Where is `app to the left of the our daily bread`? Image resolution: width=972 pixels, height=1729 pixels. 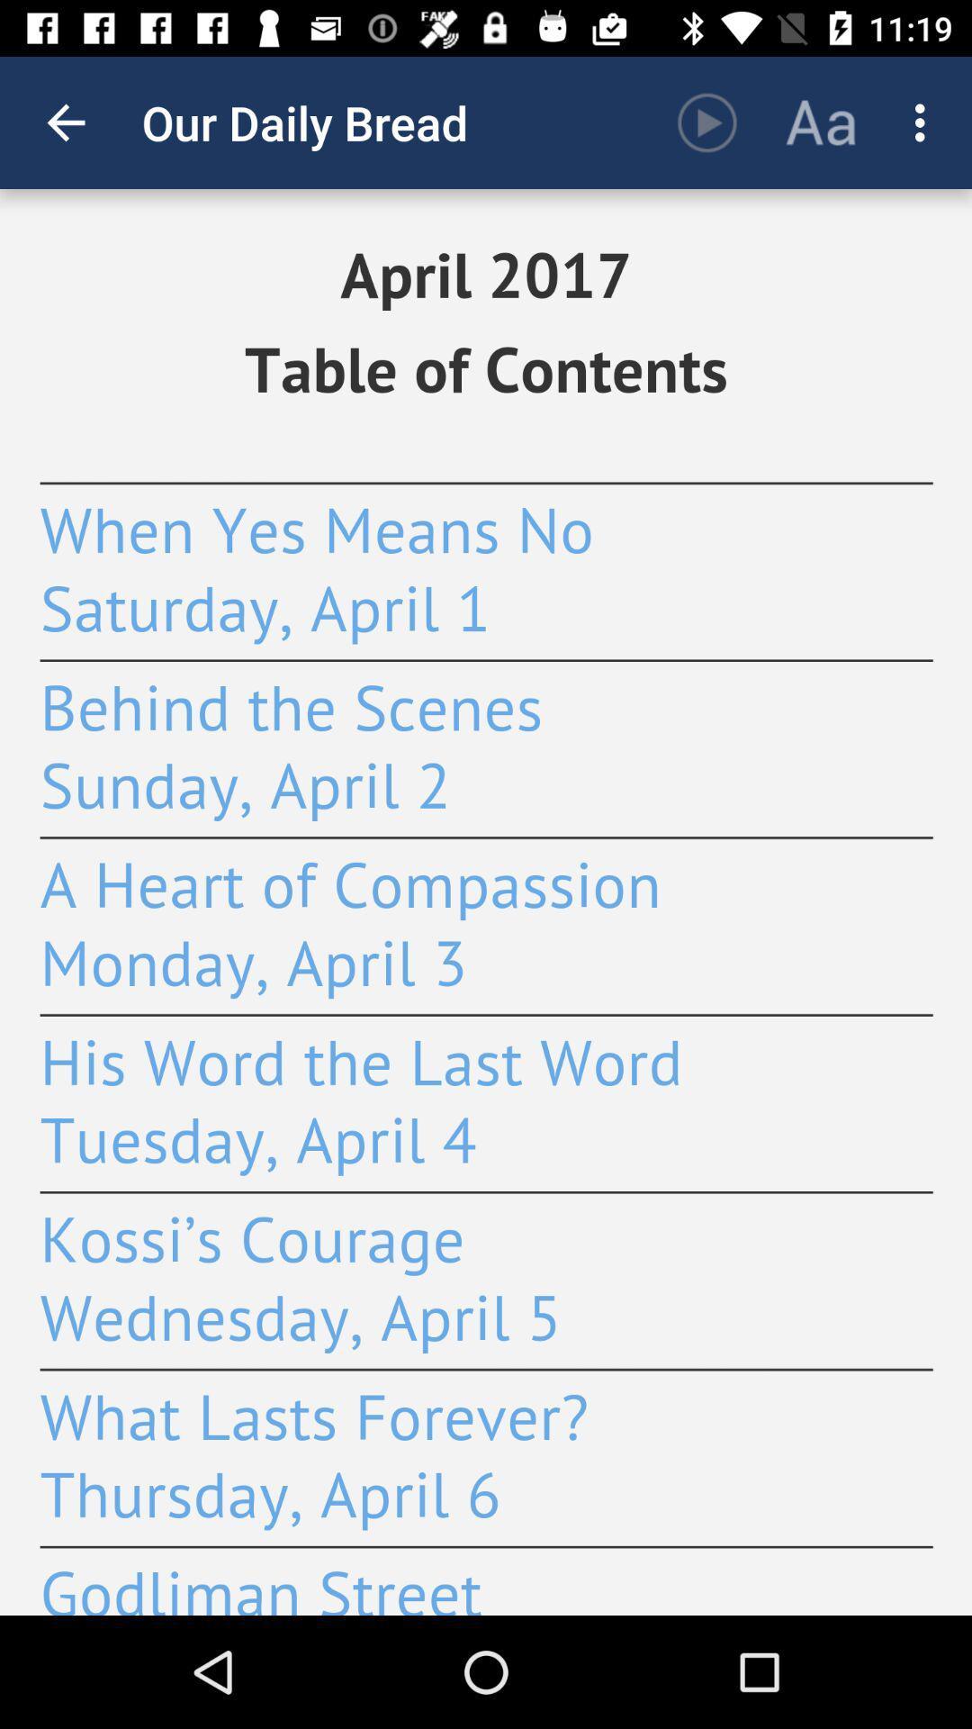 app to the left of the our daily bread is located at coordinates (65, 122).